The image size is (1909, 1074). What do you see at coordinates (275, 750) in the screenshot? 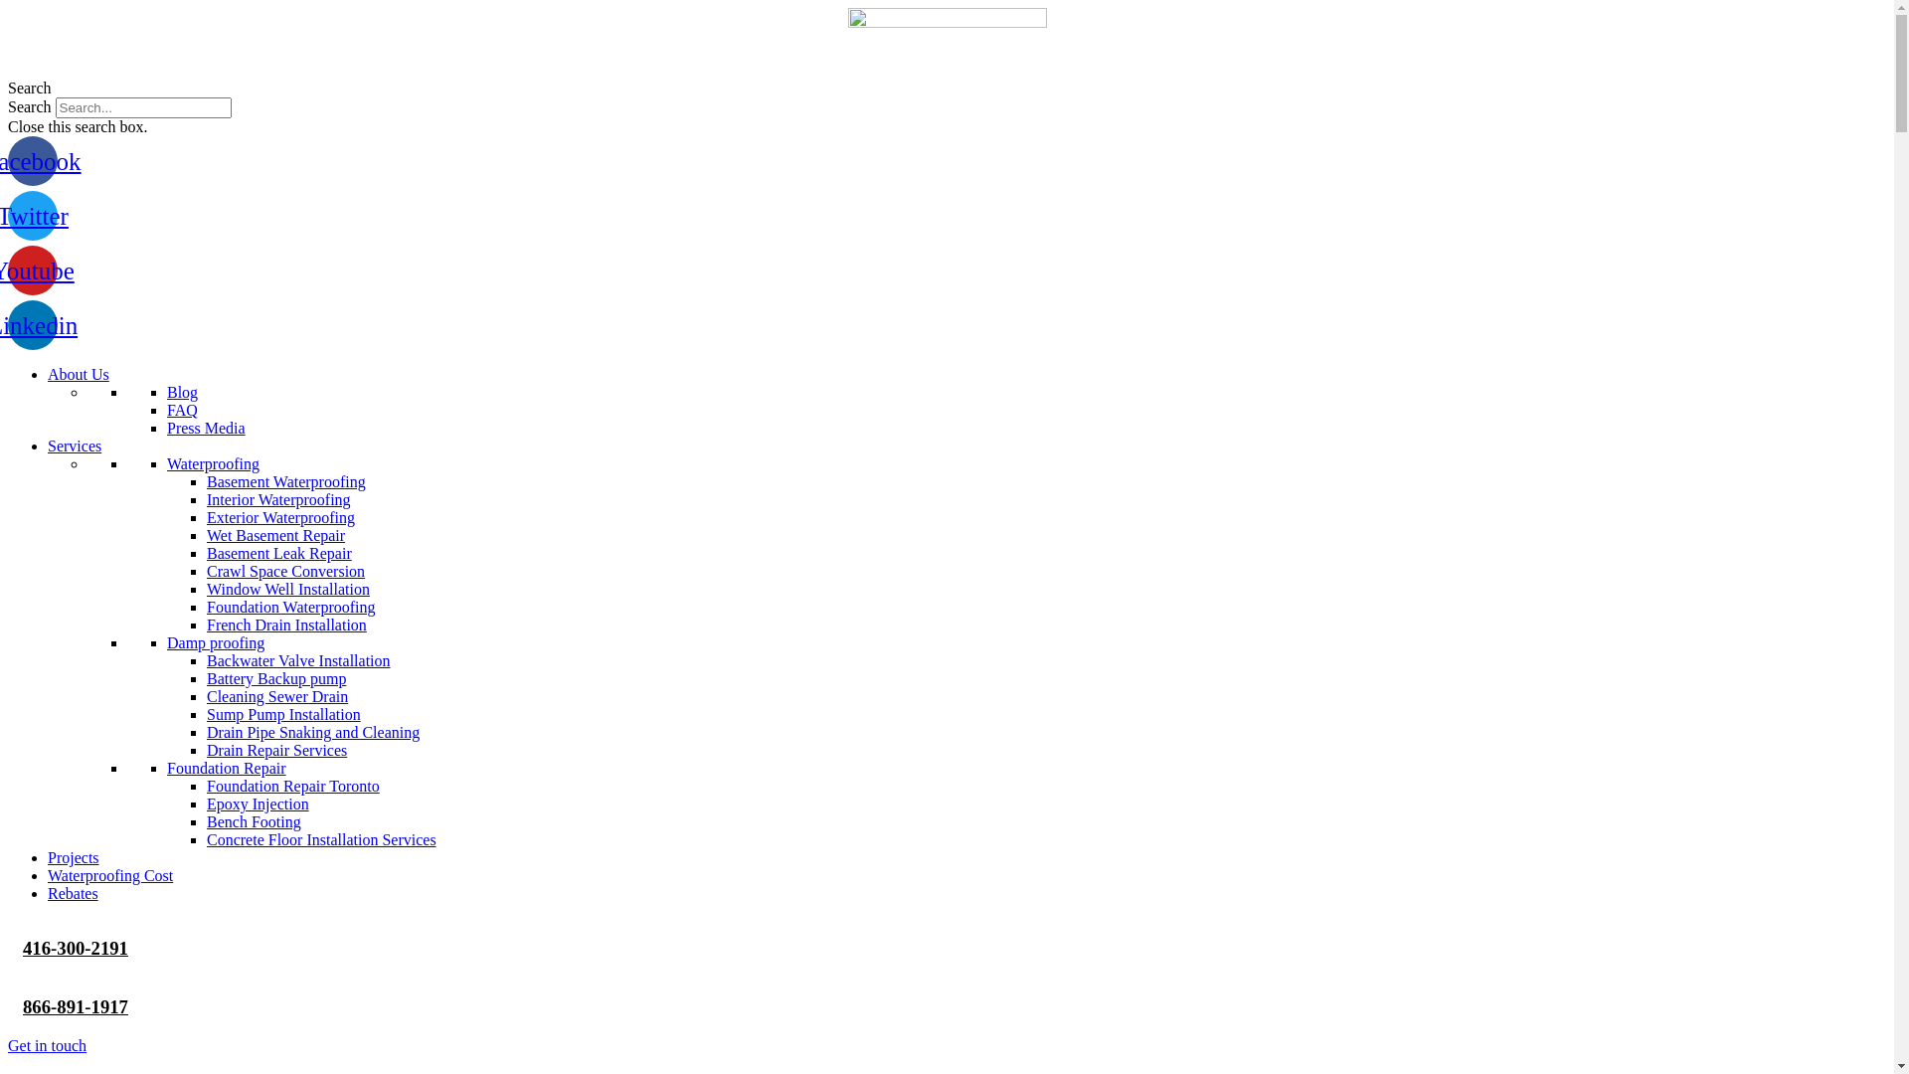
I see `'Drain Repair Services'` at bounding box center [275, 750].